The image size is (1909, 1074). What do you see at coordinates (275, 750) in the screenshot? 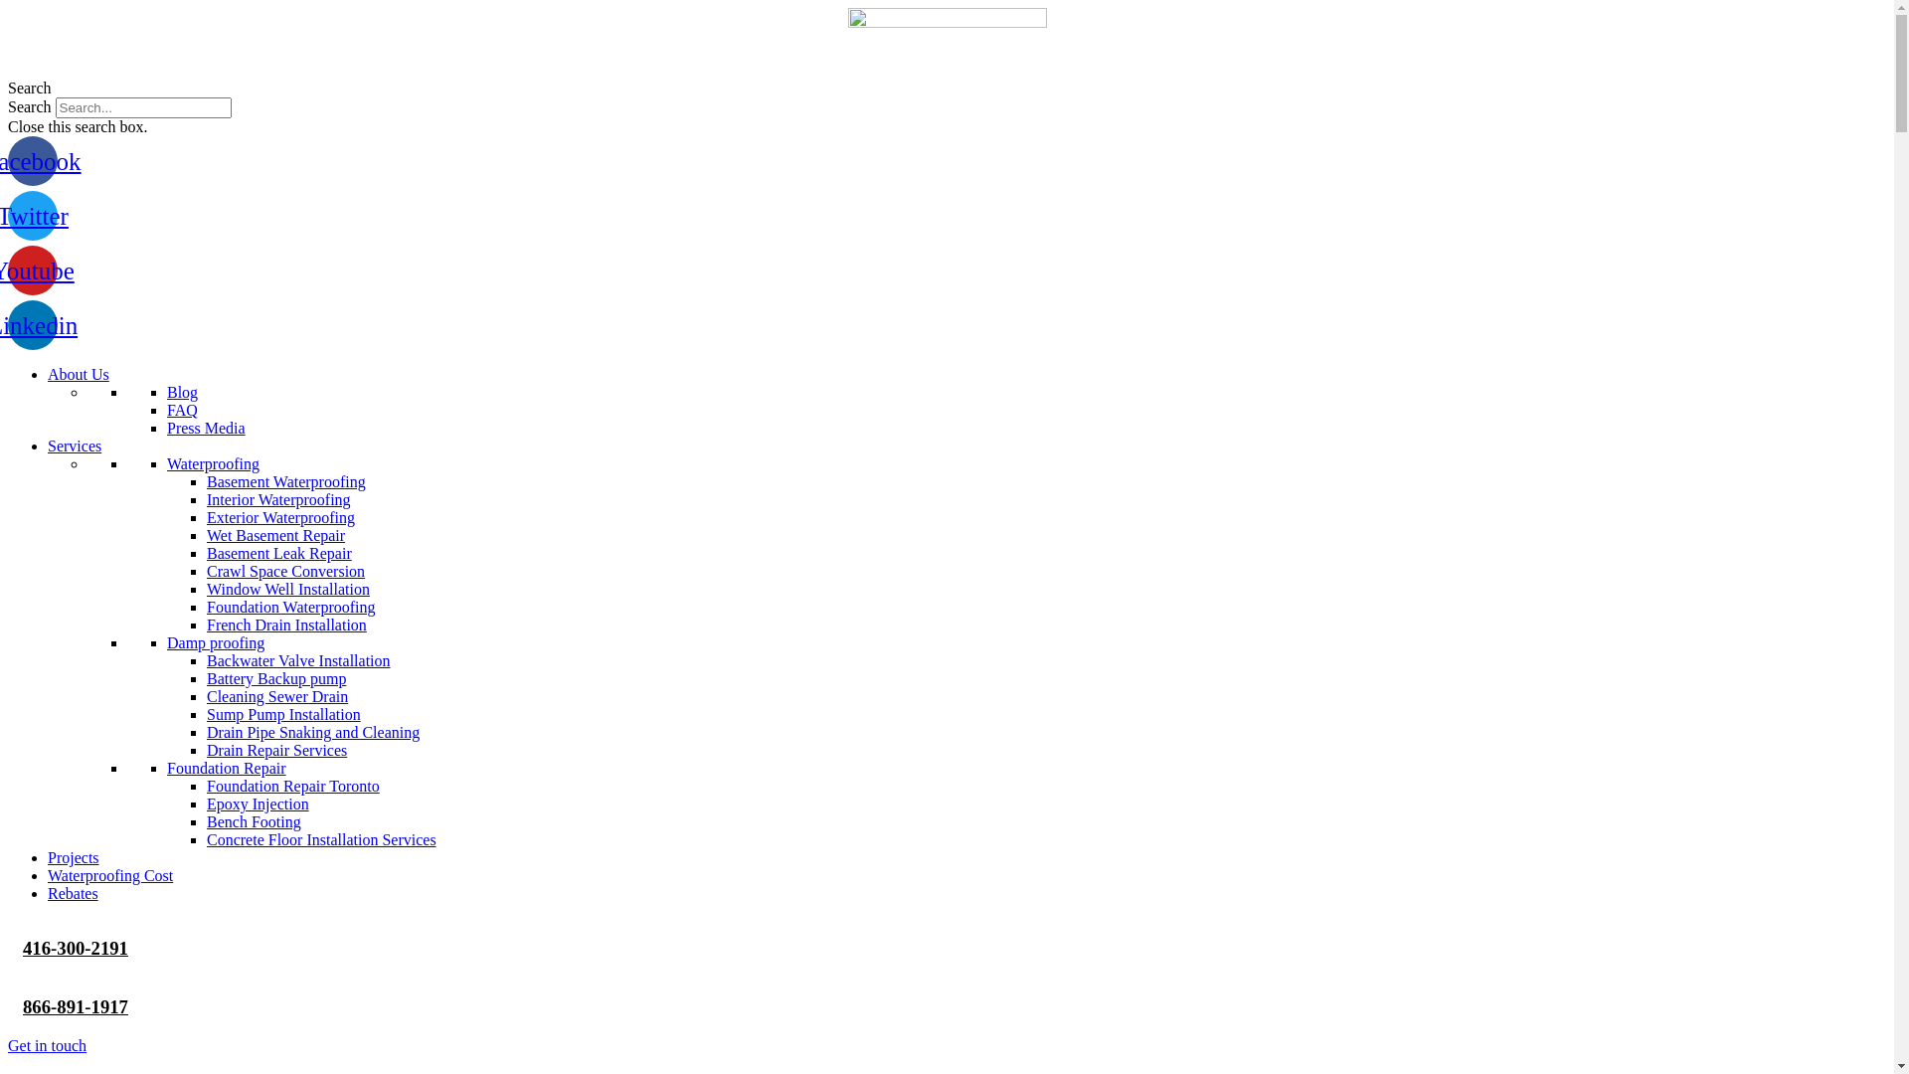
I see `'Drain Repair Services'` at bounding box center [275, 750].